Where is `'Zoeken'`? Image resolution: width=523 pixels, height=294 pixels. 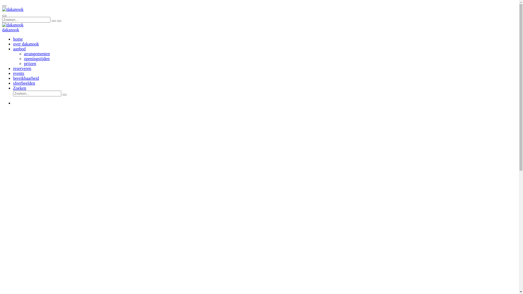
'Zoeken' is located at coordinates (20, 88).